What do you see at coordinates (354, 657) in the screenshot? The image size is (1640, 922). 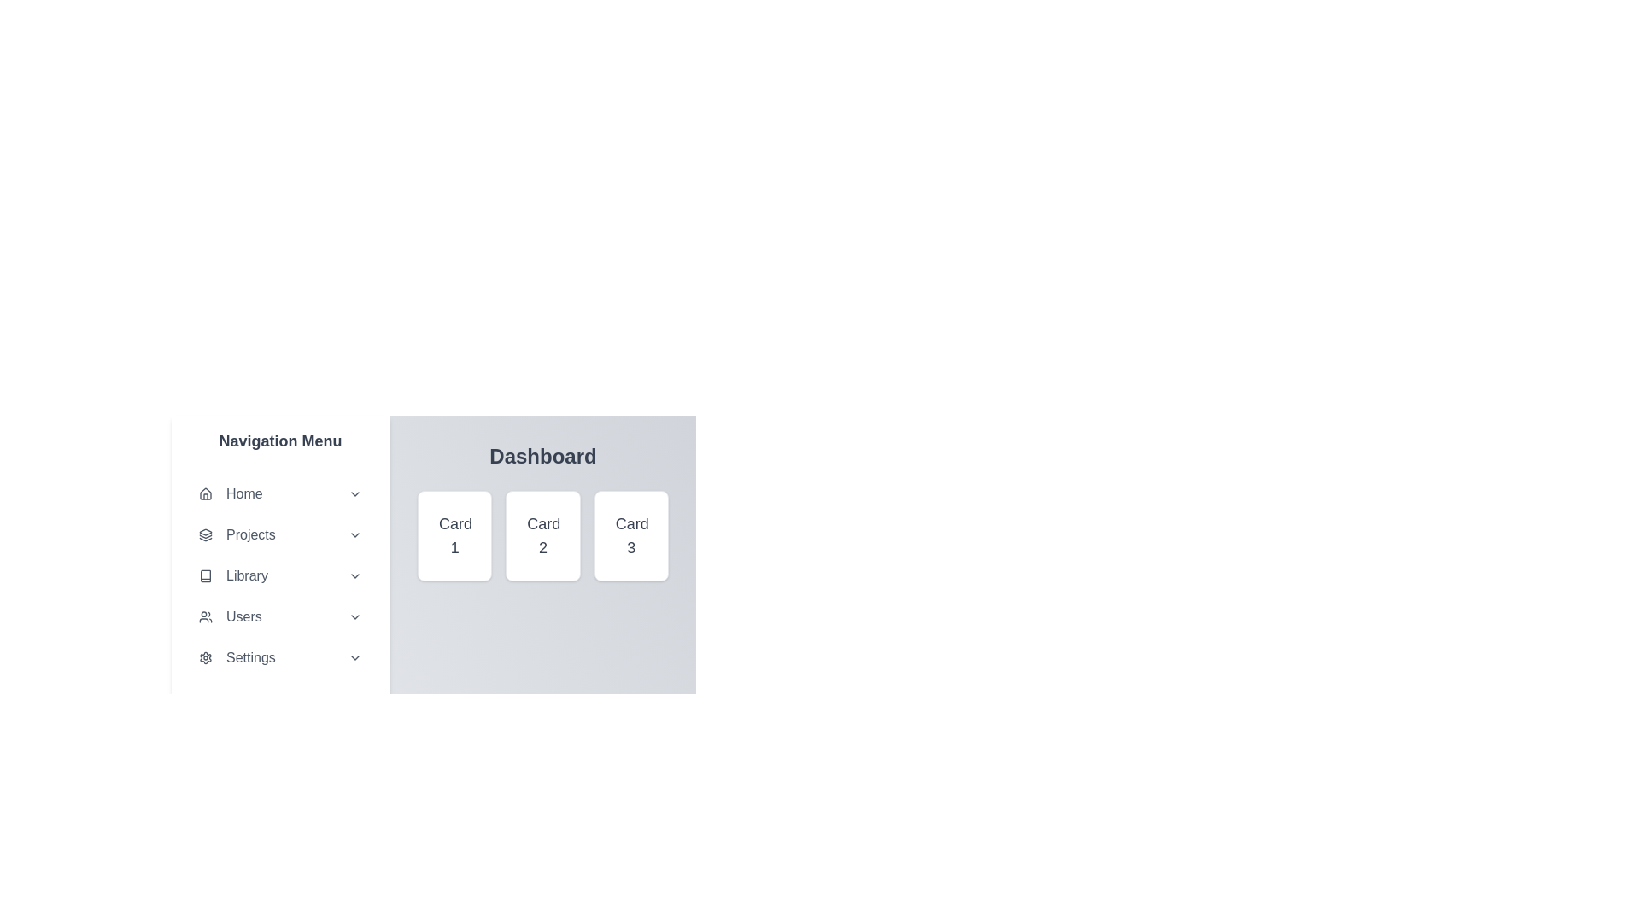 I see `the downward-pointing chevron icon in the navigation menu that is associated with the Settings entry` at bounding box center [354, 657].